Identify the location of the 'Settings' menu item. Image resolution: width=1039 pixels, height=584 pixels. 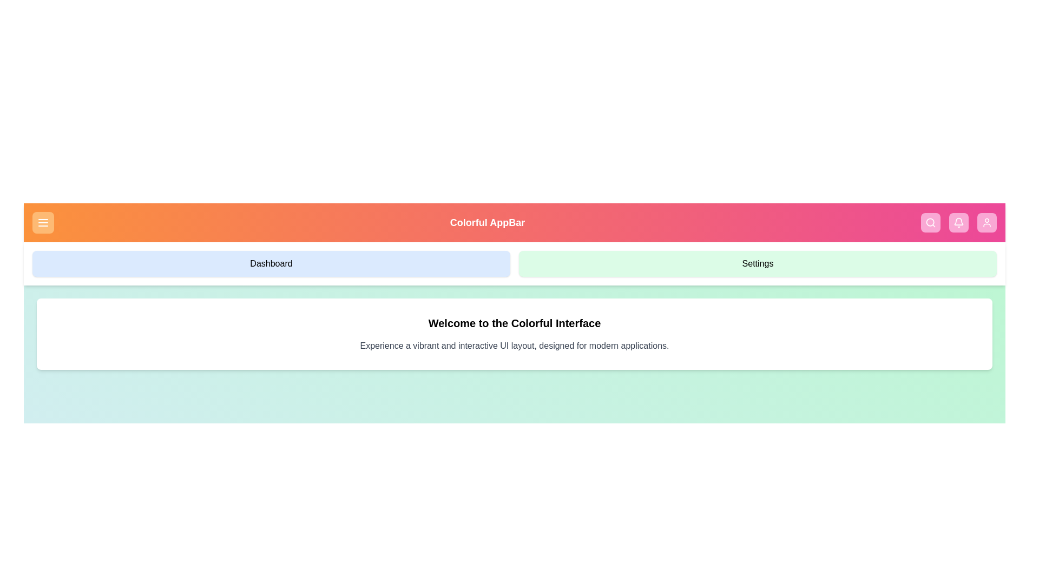
(757, 264).